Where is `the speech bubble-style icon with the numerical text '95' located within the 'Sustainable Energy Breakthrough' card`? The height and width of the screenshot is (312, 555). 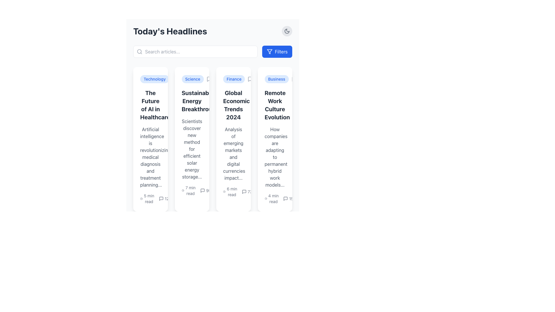 the speech bubble-style icon with the numerical text '95' located within the 'Sustainable Energy Breakthrough' card is located at coordinates (206, 190).